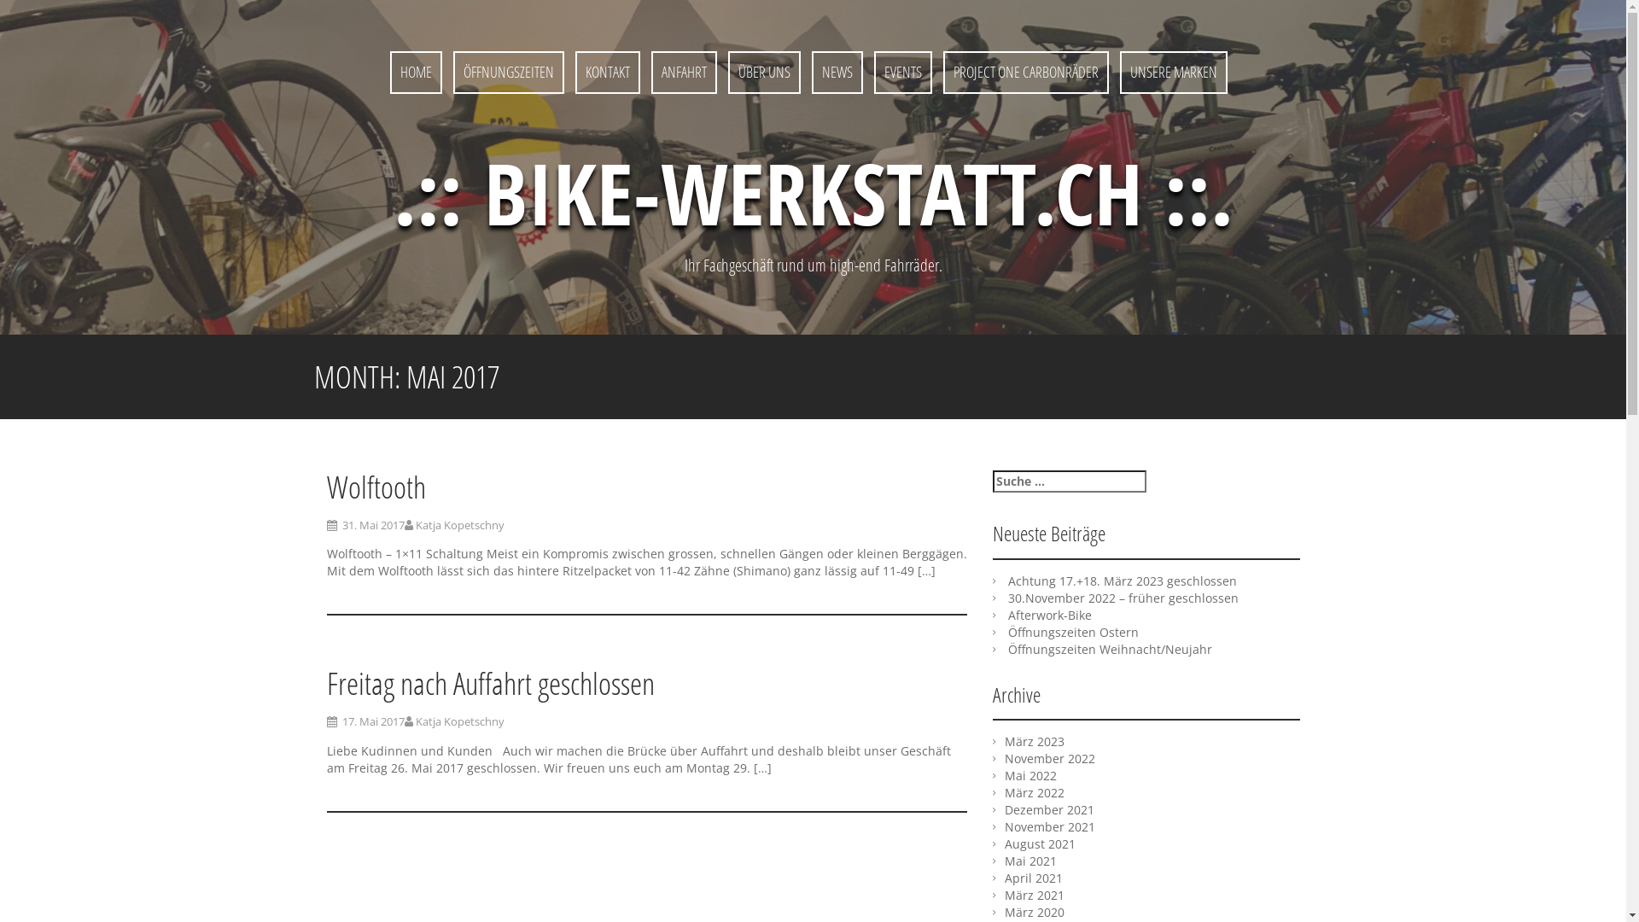  Describe the element at coordinates (416, 71) in the screenshot. I see `'HOME'` at that location.